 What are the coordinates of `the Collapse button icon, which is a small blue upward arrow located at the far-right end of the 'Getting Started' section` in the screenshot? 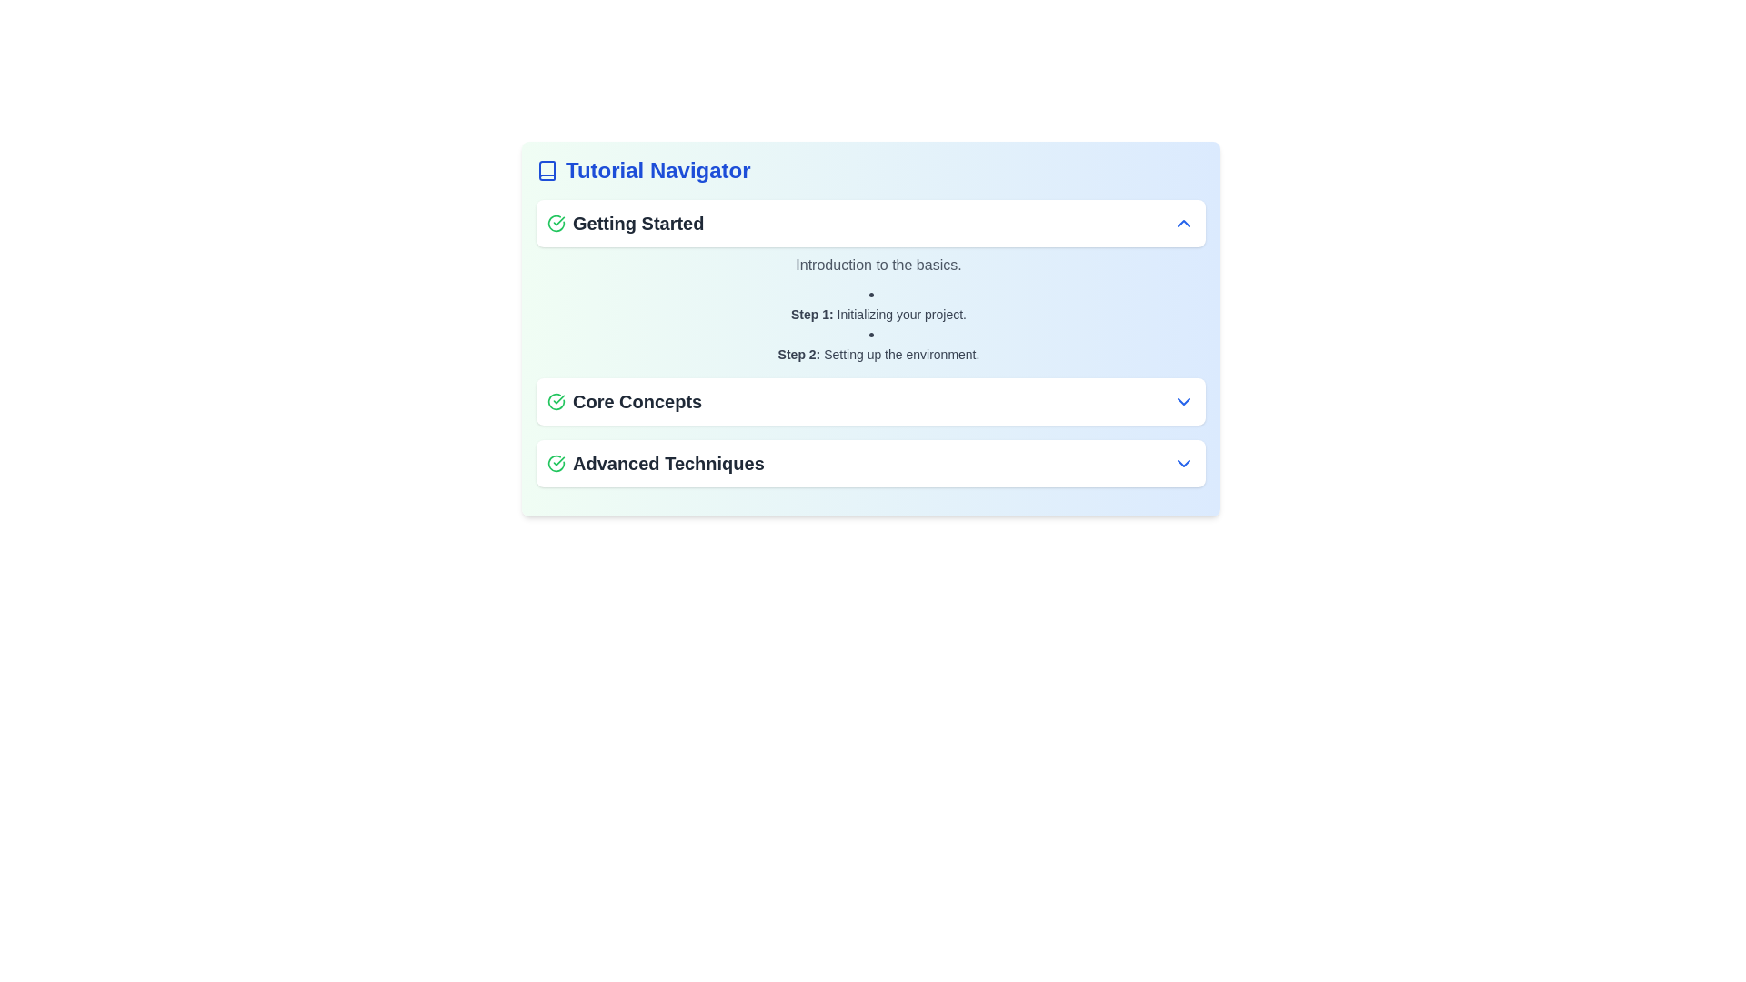 It's located at (1183, 223).